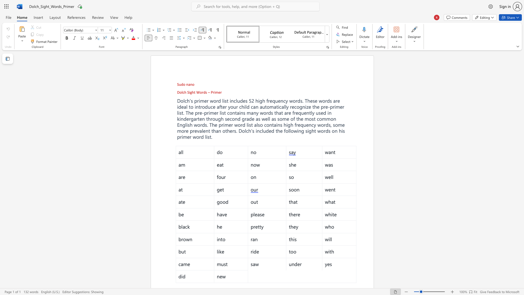 Image resolution: width=524 pixels, height=295 pixels. What do you see at coordinates (276, 107) in the screenshot?
I see `the subset text "tically recognize the pre-p" within the text "Dolch’s primer word list includes 52 high frequency words. These words are ideal to introduce after your child can automatically recognize the pre-primer list. The pre-primer list"` at bounding box center [276, 107].